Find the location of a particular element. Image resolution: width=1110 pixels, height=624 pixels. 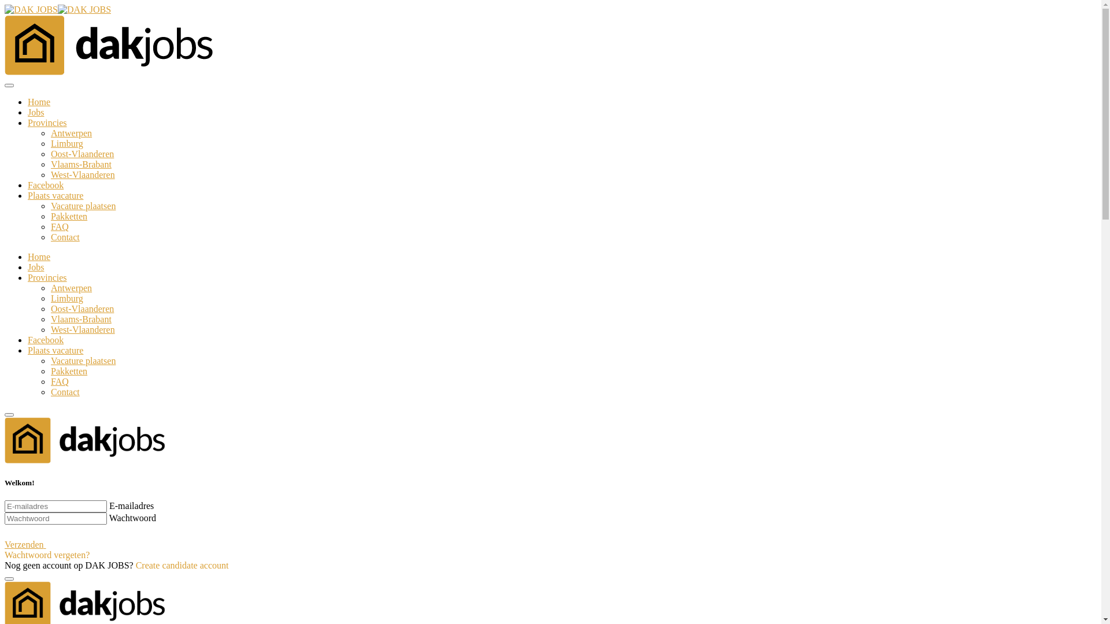

'Create candidate account' is located at coordinates (182, 564).